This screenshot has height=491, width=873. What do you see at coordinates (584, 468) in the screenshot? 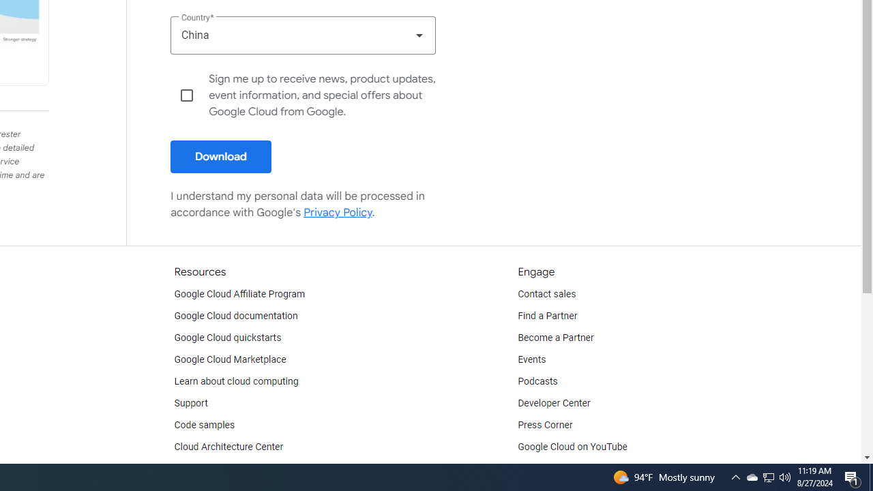
I see `'Google Cloud Tech on YouTube'` at bounding box center [584, 468].